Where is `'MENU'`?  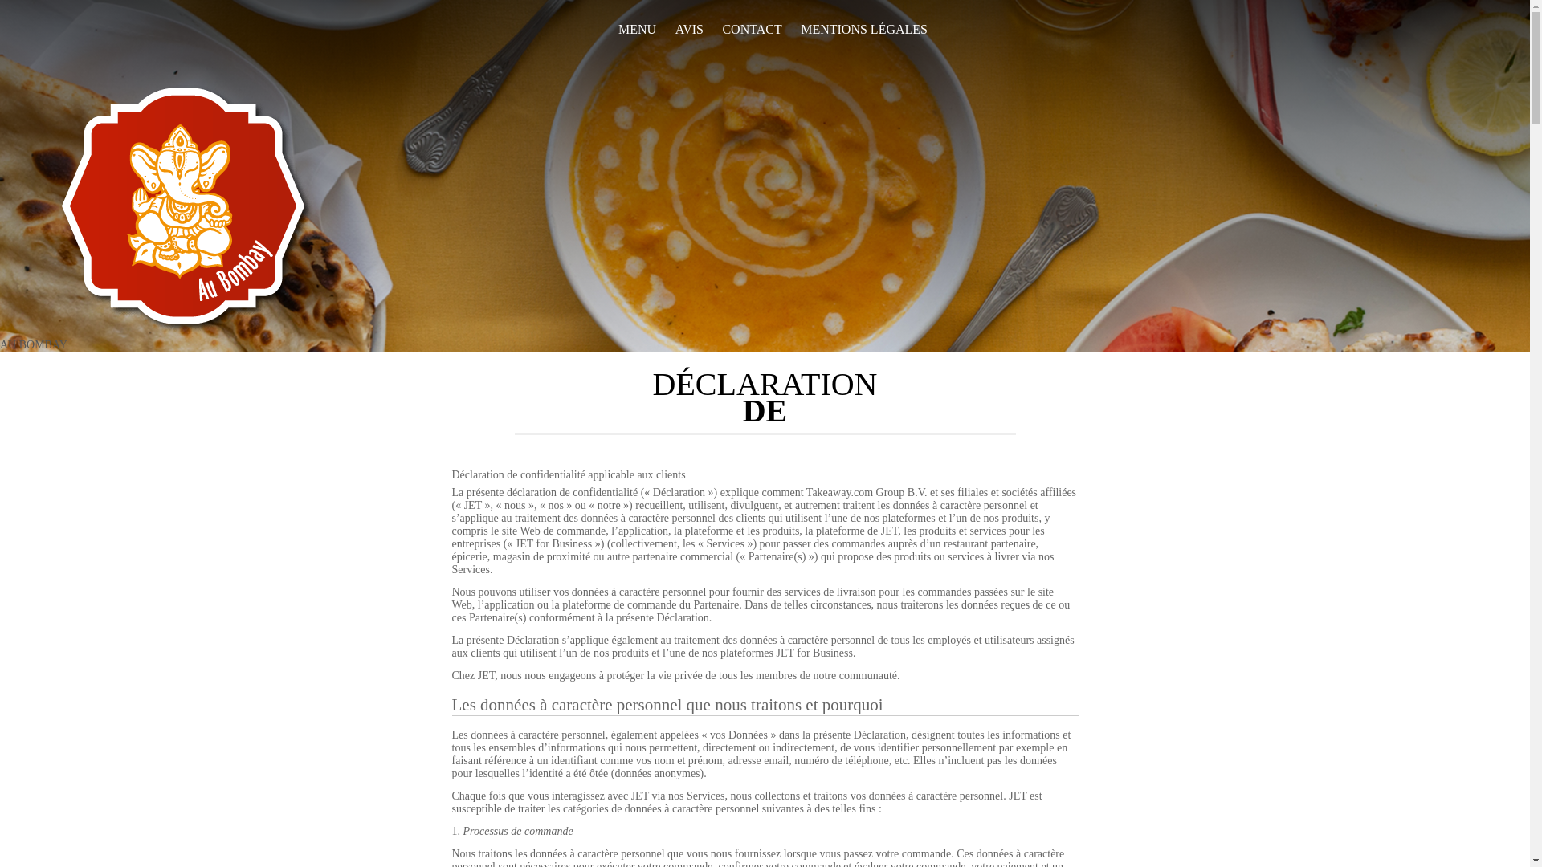 'MENU' is located at coordinates (636, 30).